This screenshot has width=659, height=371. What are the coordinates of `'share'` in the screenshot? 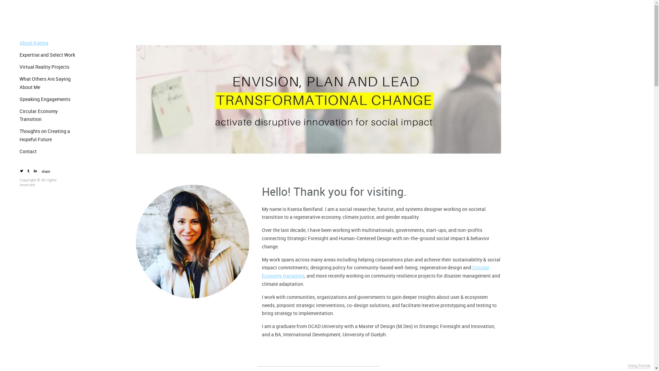 It's located at (41, 171).